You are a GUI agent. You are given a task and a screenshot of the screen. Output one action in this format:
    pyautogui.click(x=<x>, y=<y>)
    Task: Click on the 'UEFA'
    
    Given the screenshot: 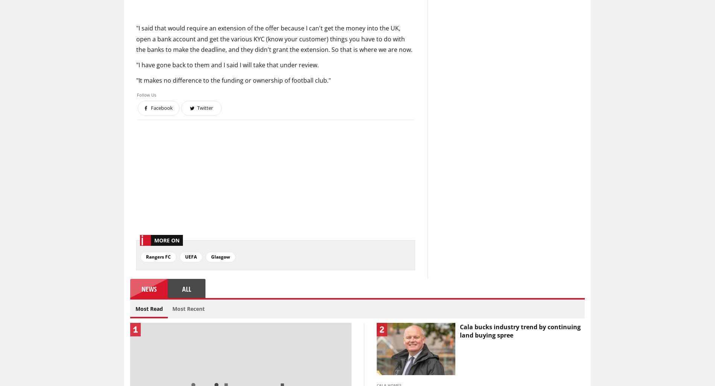 What is the action you would take?
    pyautogui.click(x=191, y=256)
    